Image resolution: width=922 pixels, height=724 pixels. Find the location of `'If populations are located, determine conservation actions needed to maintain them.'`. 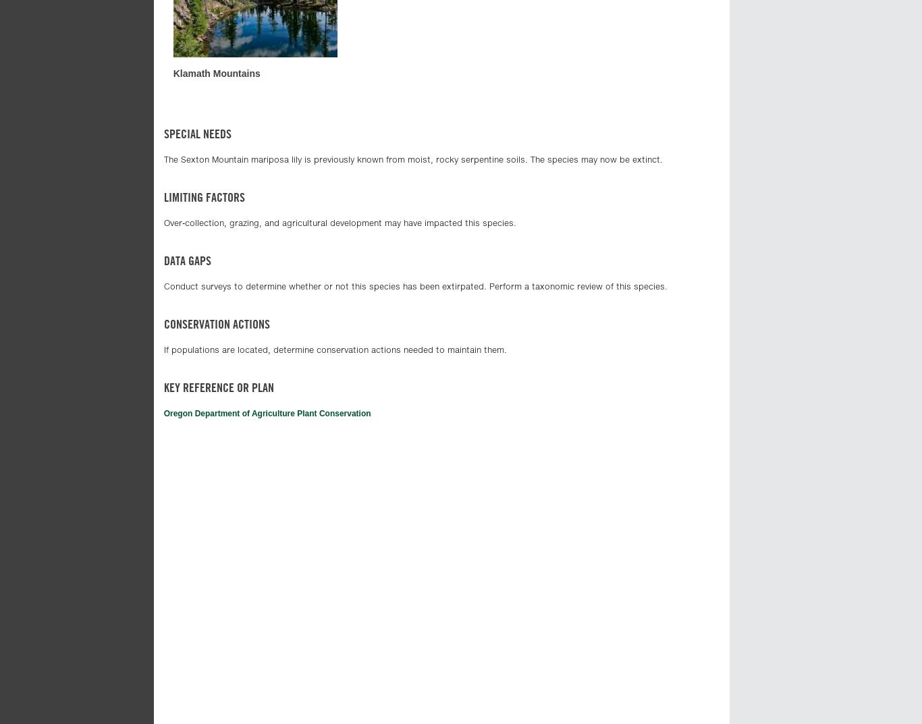

'If populations are located, determine conservation actions needed to maintain them.' is located at coordinates (163, 349).